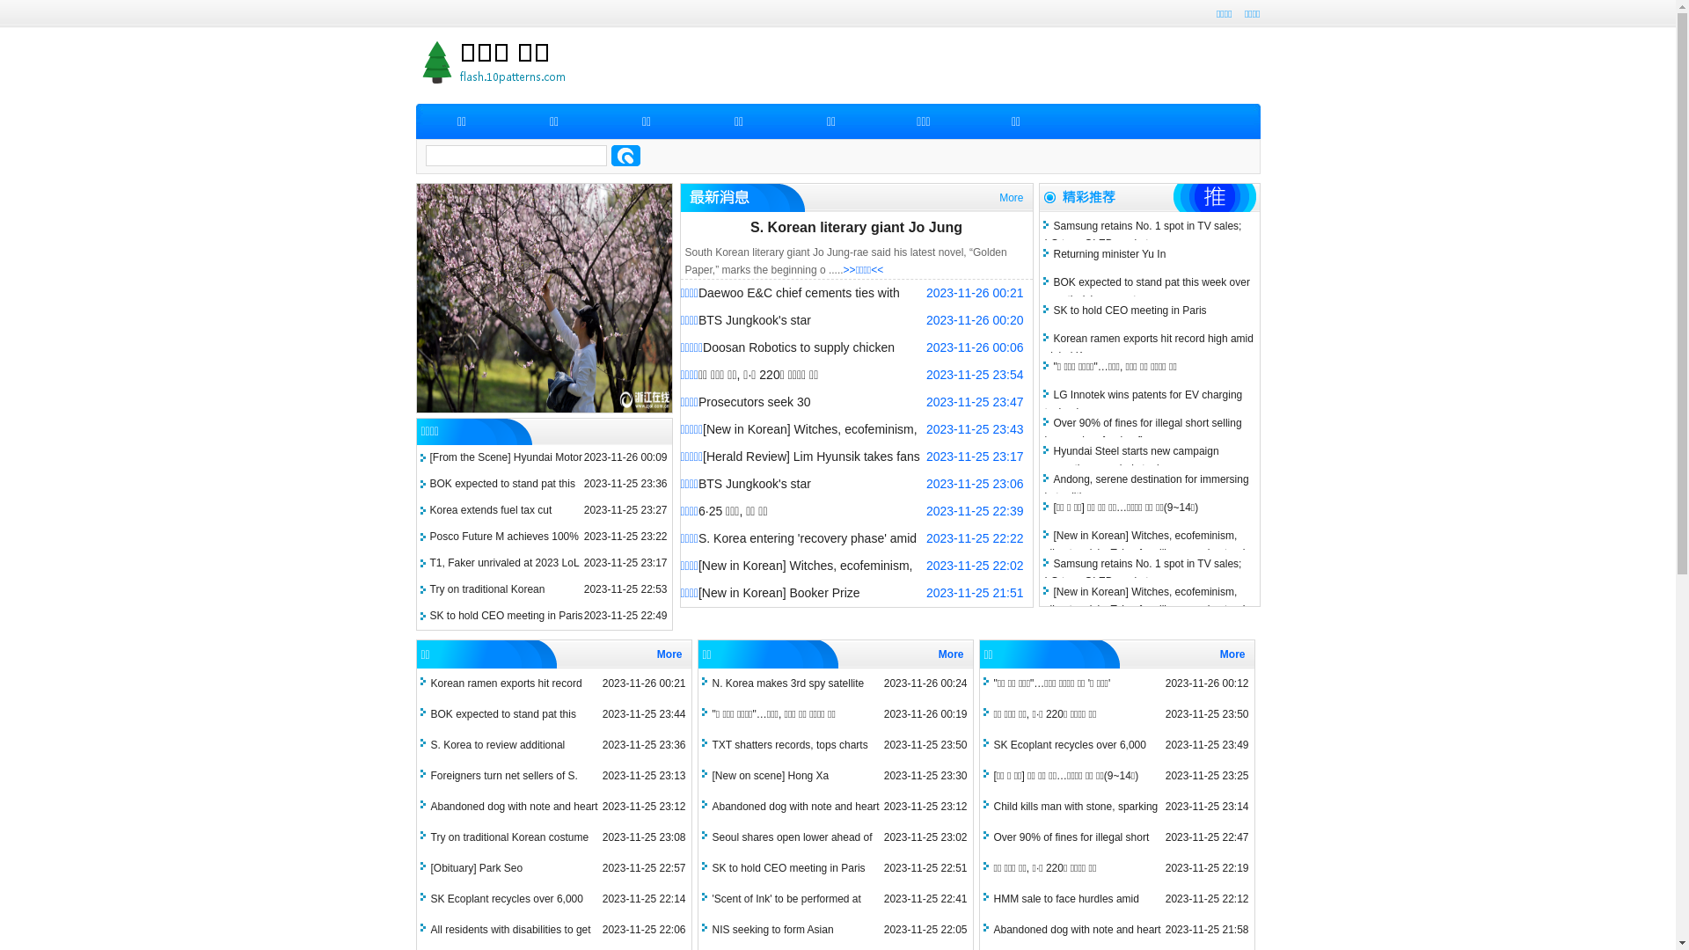  What do you see at coordinates (785, 754) in the screenshot?
I see `'TXT shatters records, tops charts with 3rd LP'` at bounding box center [785, 754].